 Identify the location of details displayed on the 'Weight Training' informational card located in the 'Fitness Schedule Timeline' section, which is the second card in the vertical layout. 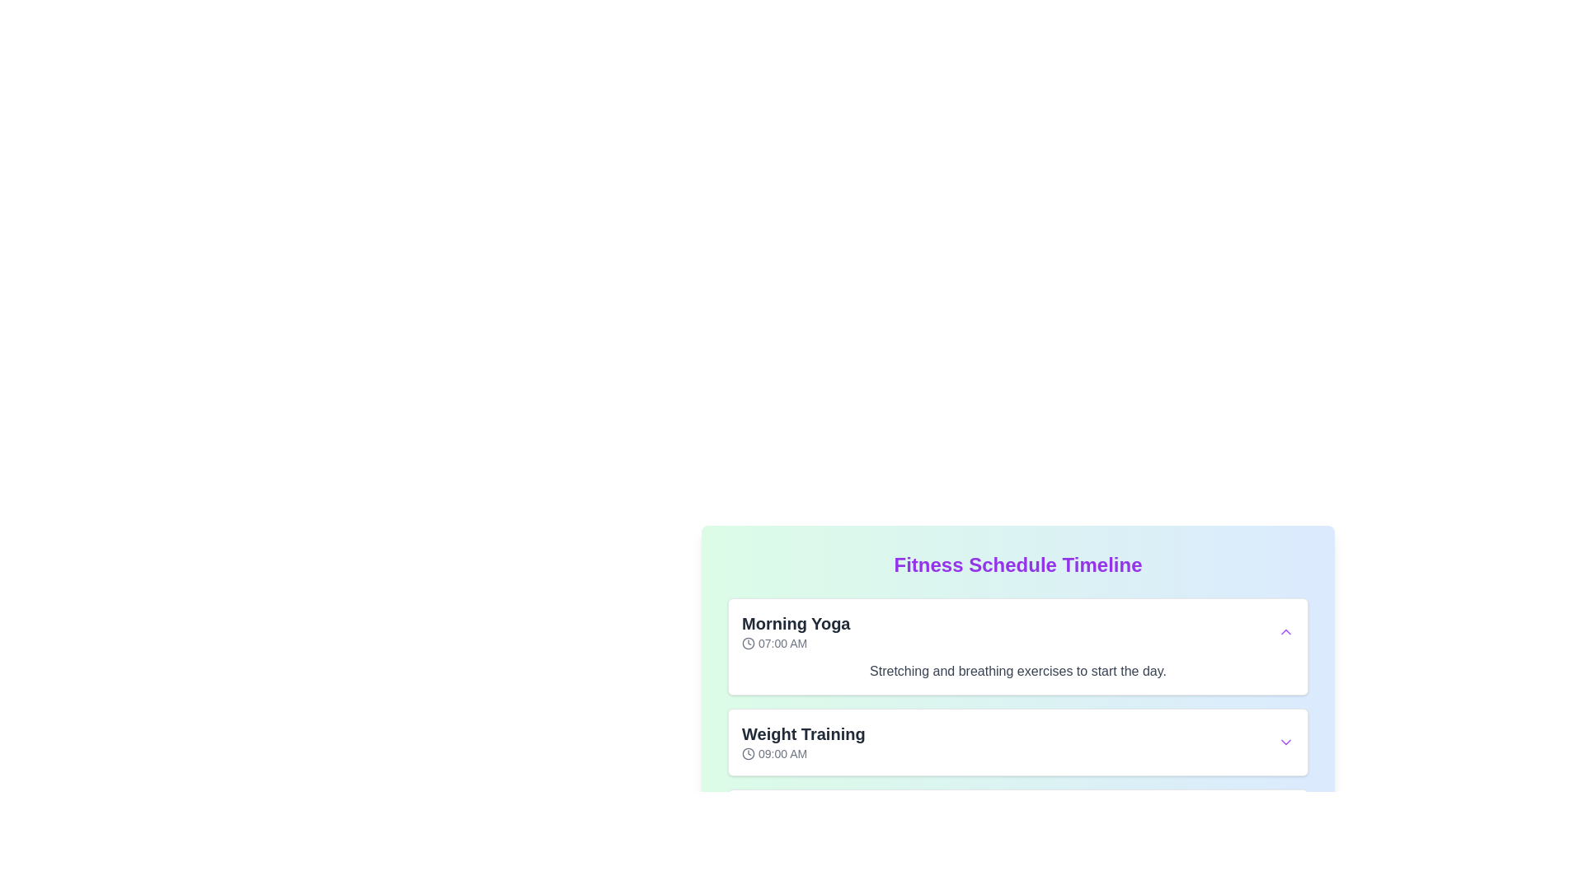
(1017, 742).